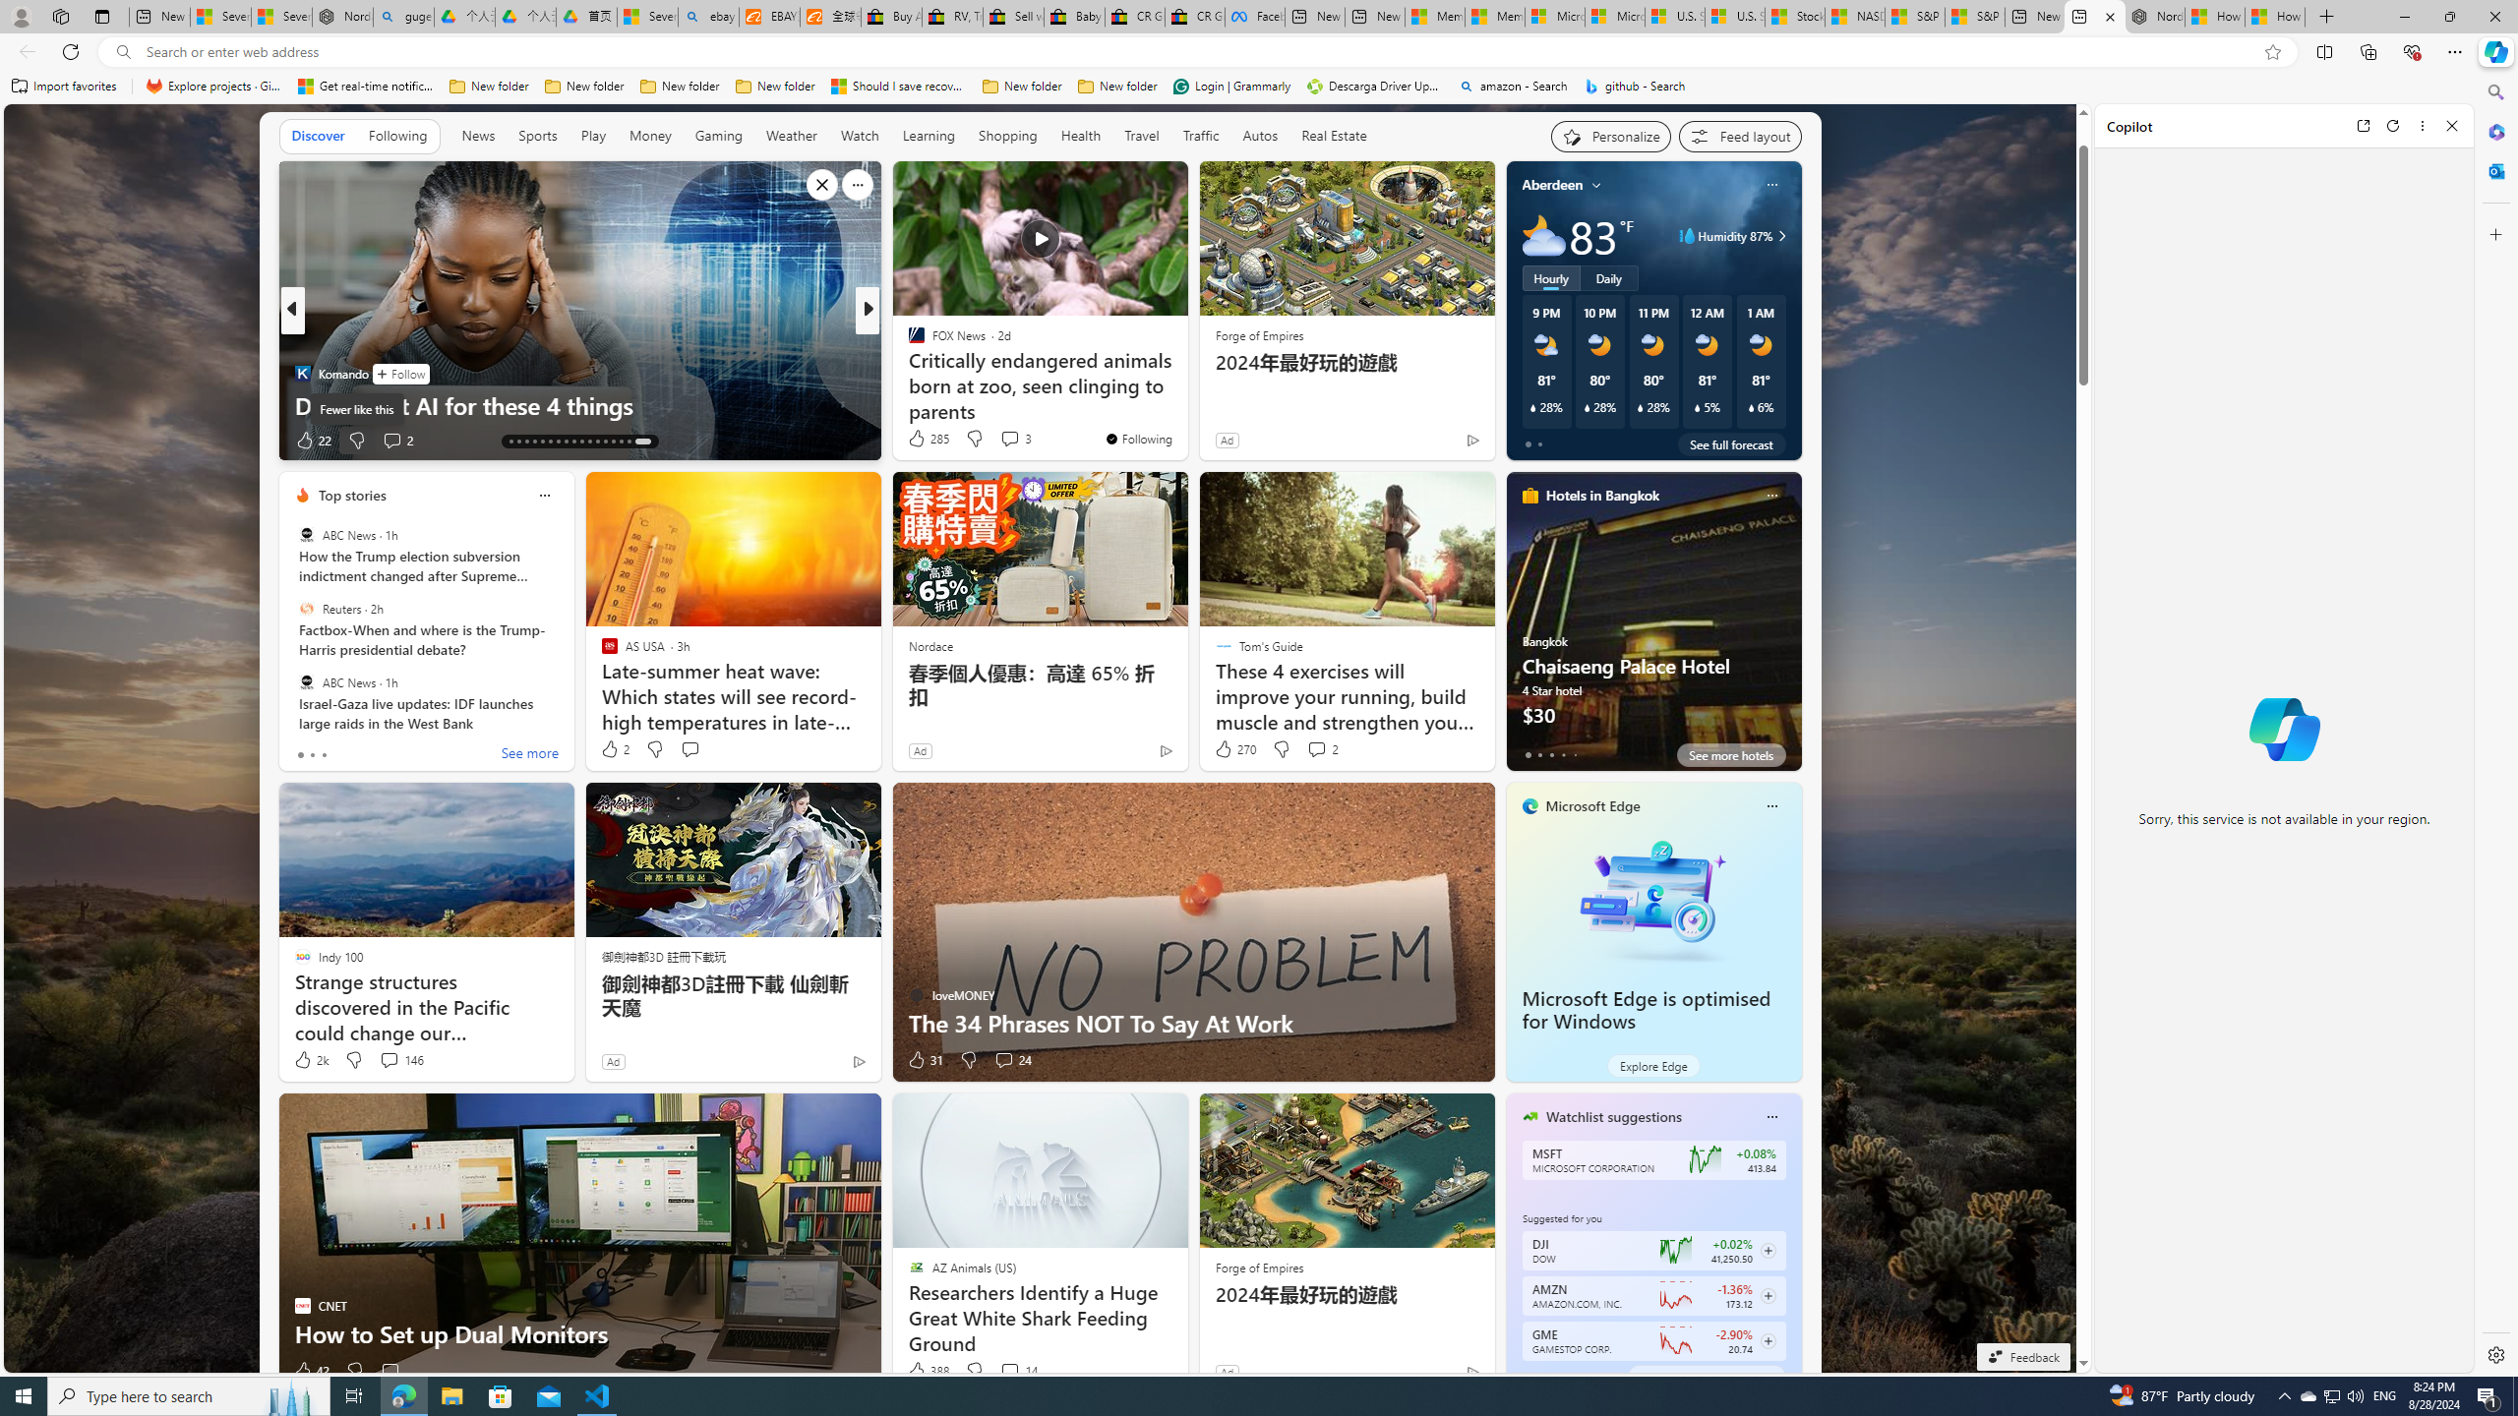  I want to click on 'Should I save recovered Word documents? - Microsoft Support', so click(898, 86).